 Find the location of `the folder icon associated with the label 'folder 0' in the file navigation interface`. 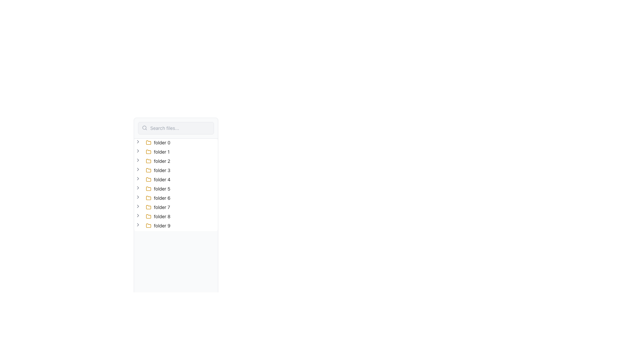

the folder icon associated with the label 'folder 0' in the file navigation interface is located at coordinates (148, 142).